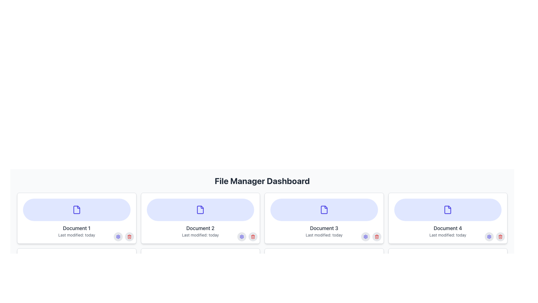  What do you see at coordinates (200, 218) in the screenshot?
I see `the second document entry card in the grid layout` at bounding box center [200, 218].